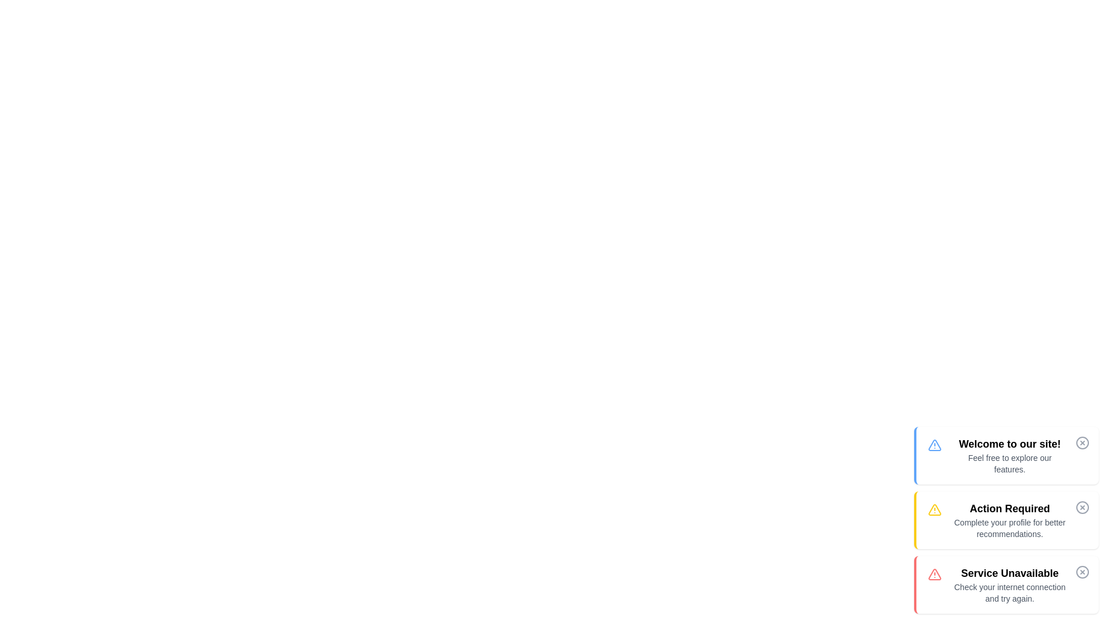 The width and height of the screenshot is (1108, 623). What do you see at coordinates (1005, 520) in the screenshot?
I see `information in the notification card titled 'Action Required' with a yellow highlight on the left edge, which contains a warning icon and a message to complete your profile for better recommendations` at bounding box center [1005, 520].